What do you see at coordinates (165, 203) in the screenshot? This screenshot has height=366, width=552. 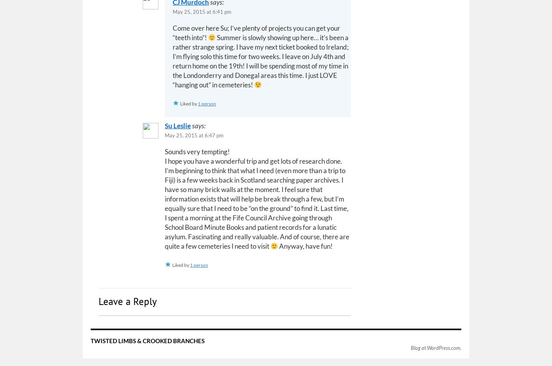 I see `'I hope you have a wonderful trip and get lots of research done. I’m beginning to think that what I need (even more than a trip to Fiji) is a few weeks back in Scotland searching paper archives. I have so many brick walls at the moment. I feel sure that information exists that will help be break through a few, but I’m equally sure that I need to be “on the ground” to find it. Last time, I spent a morning at the Fife Council Archive going through School Board Minute Books and patient records for a lunatic asylum. Fascinating and really valuable. And of course, there are quite a few cemeteries I need to visit'` at bounding box center [165, 203].